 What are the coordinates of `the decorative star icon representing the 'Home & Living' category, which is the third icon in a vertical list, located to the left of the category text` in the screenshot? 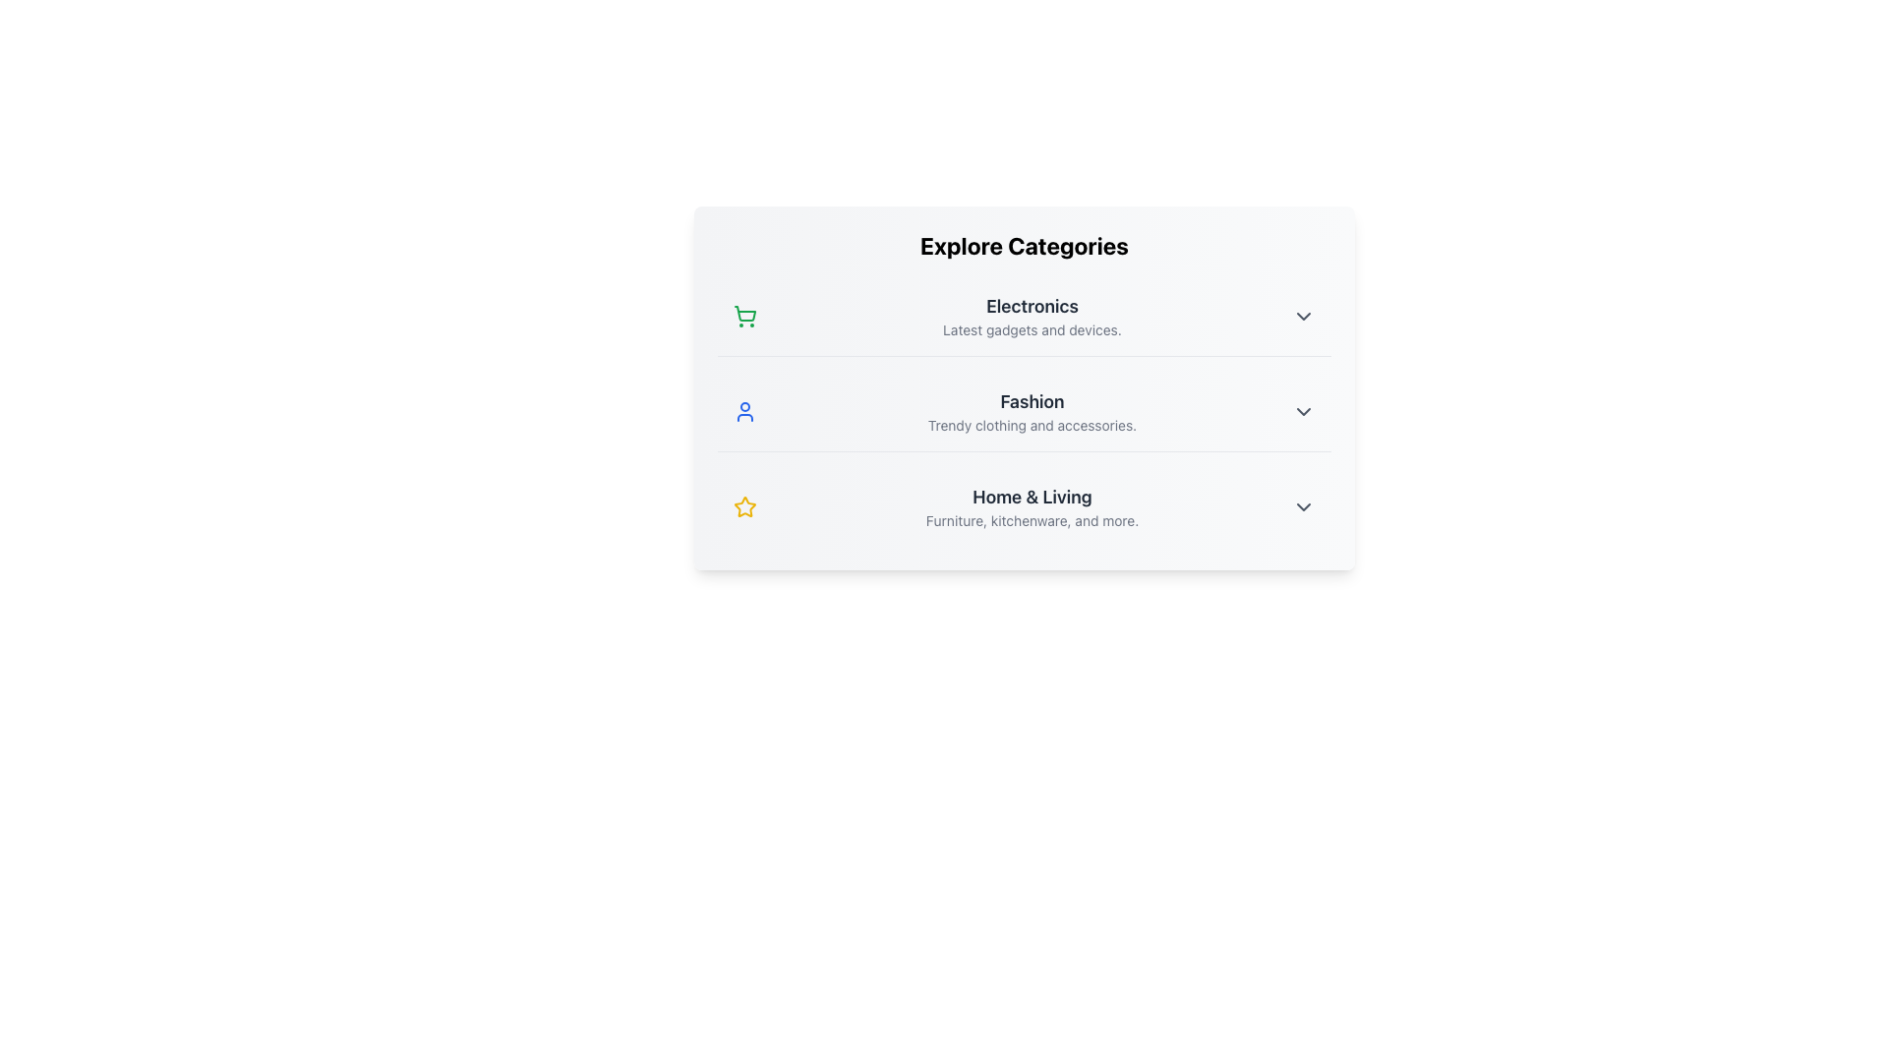 It's located at (744, 505).